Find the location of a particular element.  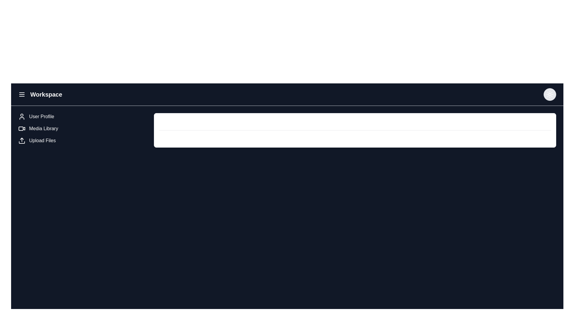

the 'Upload Files' navigation menu item, which is styled in white on a dark background and is the third item in the vertical navigation menu is located at coordinates (42, 141).